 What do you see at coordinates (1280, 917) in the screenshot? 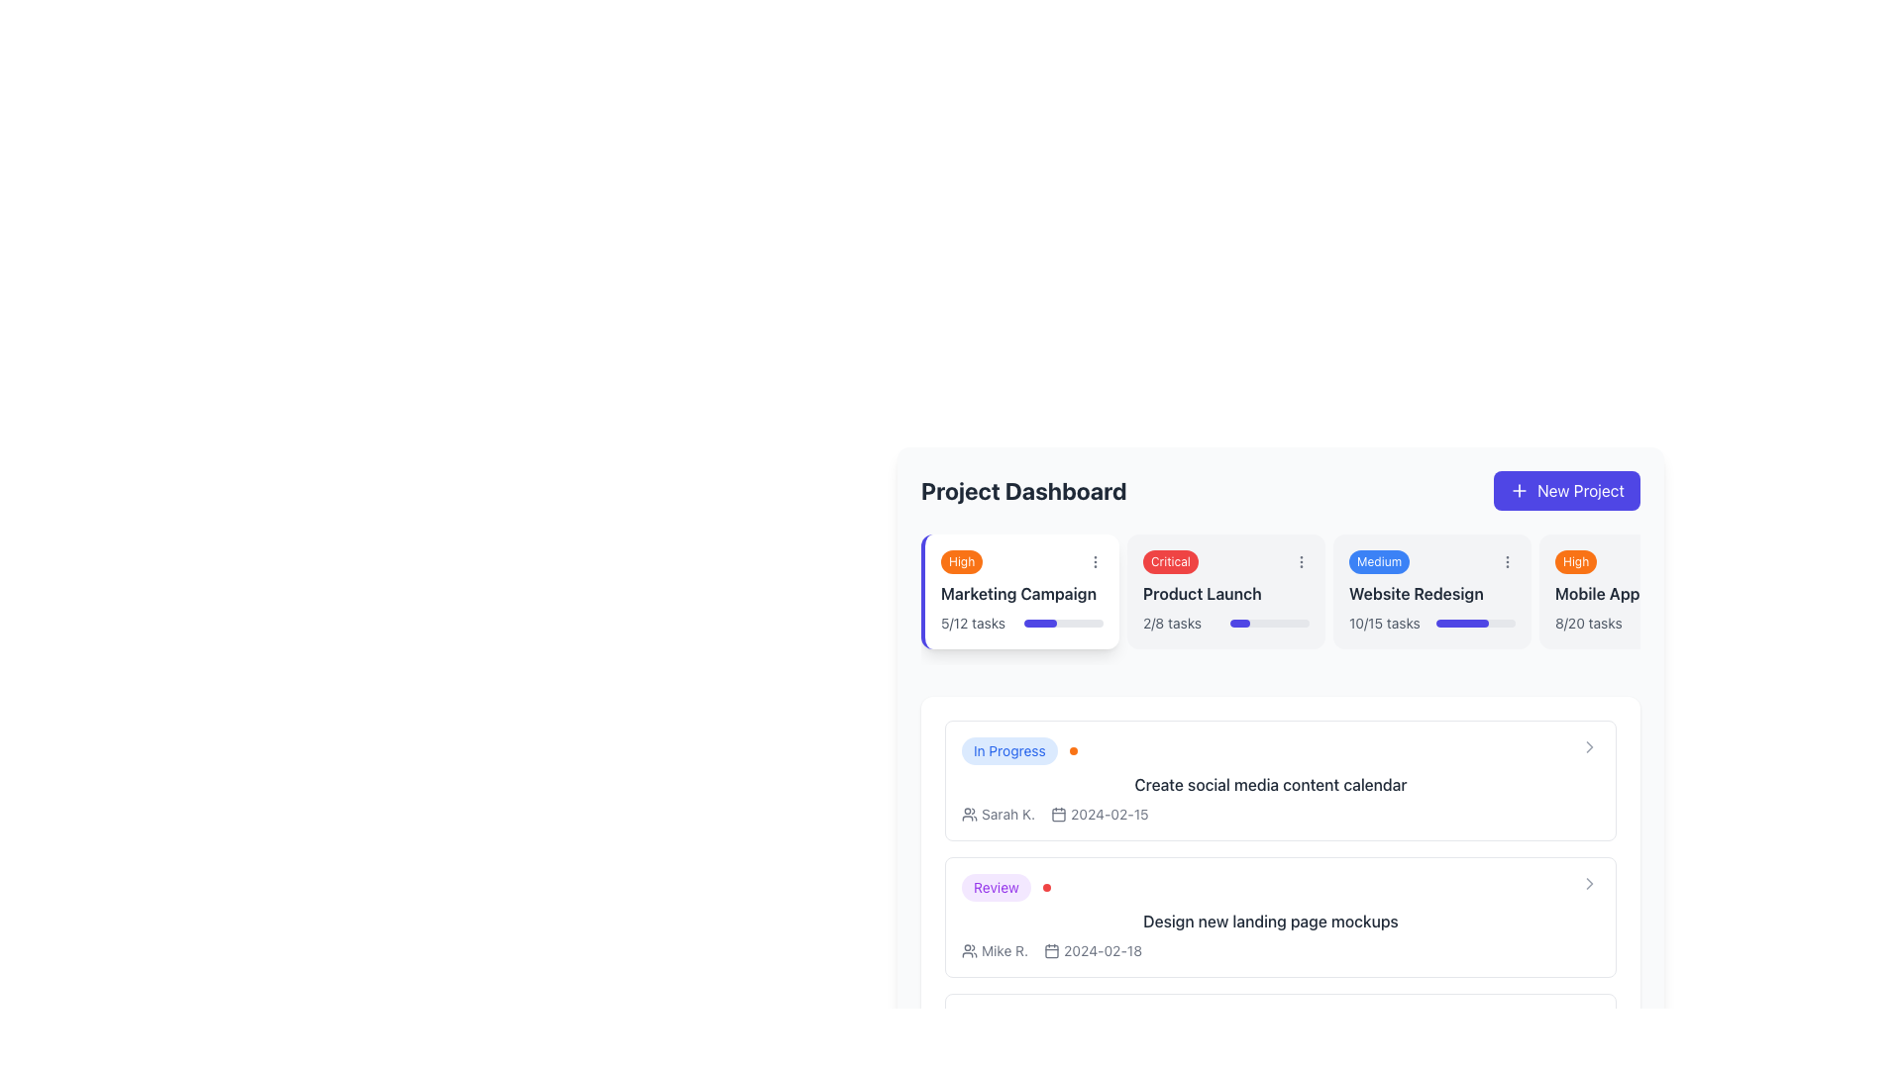
I see `the task title 'Design new landing page mockups' in the second task group labeled 'Review'` at bounding box center [1280, 917].